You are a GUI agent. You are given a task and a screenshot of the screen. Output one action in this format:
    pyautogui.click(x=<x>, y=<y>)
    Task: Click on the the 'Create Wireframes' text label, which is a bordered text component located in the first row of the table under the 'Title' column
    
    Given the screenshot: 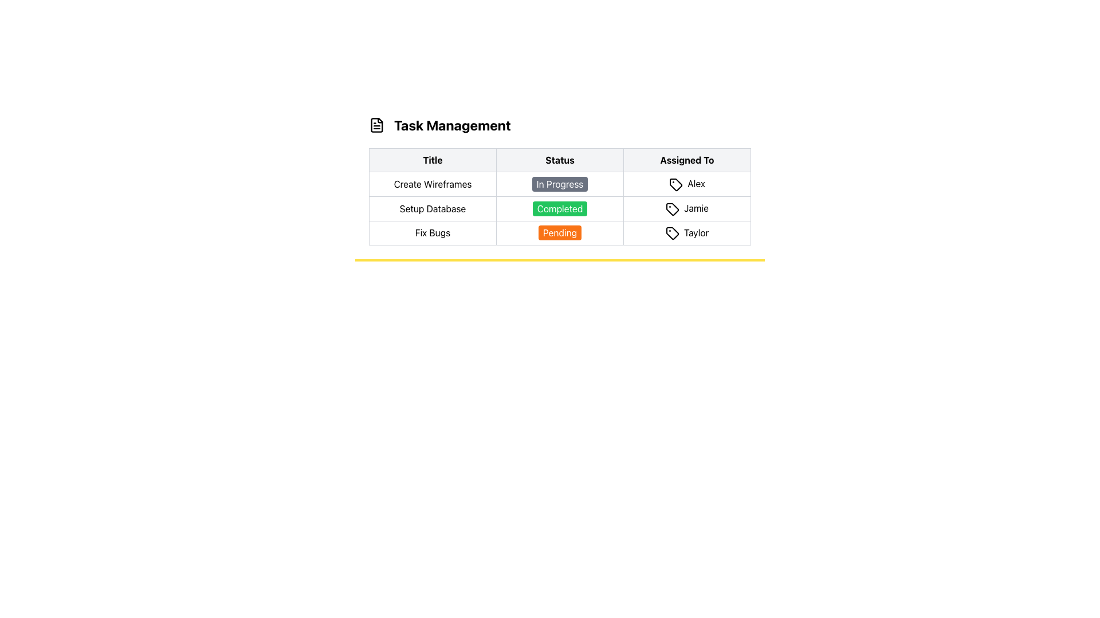 What is the action you would take?
    pyautogui.click(x=432, y=183)
    